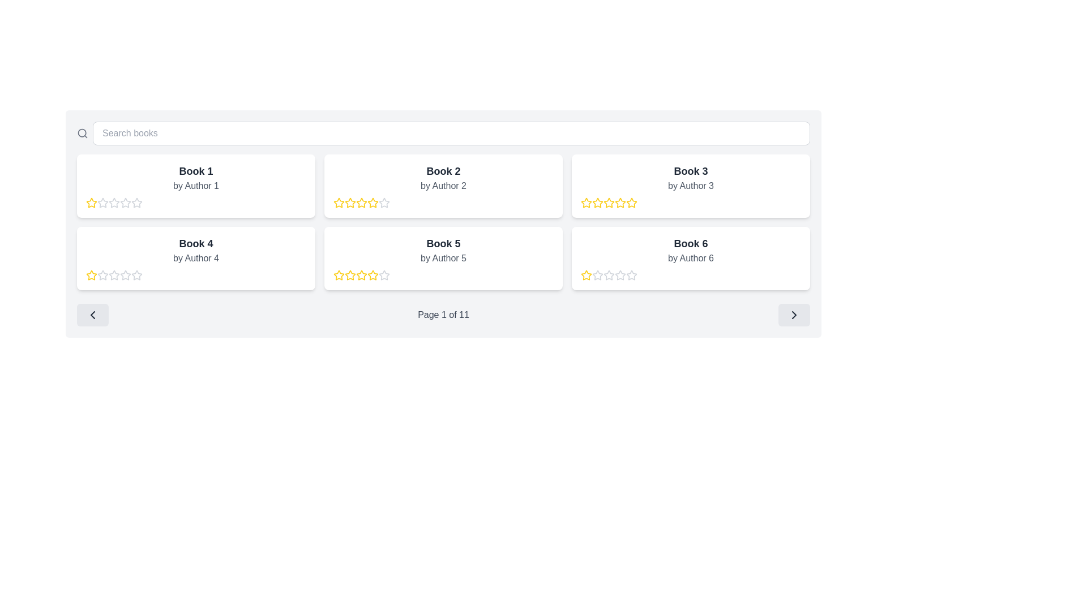 This screenshot has width=1087, height=611. I want to click on the third star in the sequence of five stars representing a rating level under the 'Book 5' card, so click(350, 275).